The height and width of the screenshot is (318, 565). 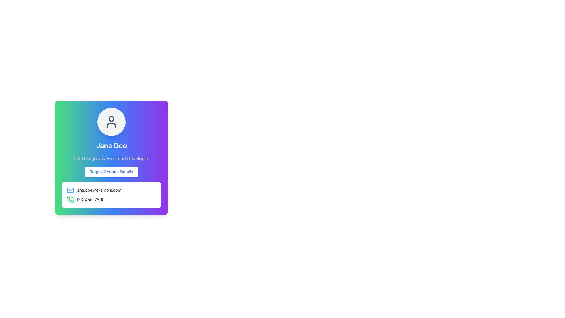 What do you see at coordinates (112, 119) in the screenshot?
I see `the circular graphical element that serves as part of the user profile icon, positioned centrally within the head part of the icon, which is located top-centered in a card component displaying user information` at bounding box center [112, 119].